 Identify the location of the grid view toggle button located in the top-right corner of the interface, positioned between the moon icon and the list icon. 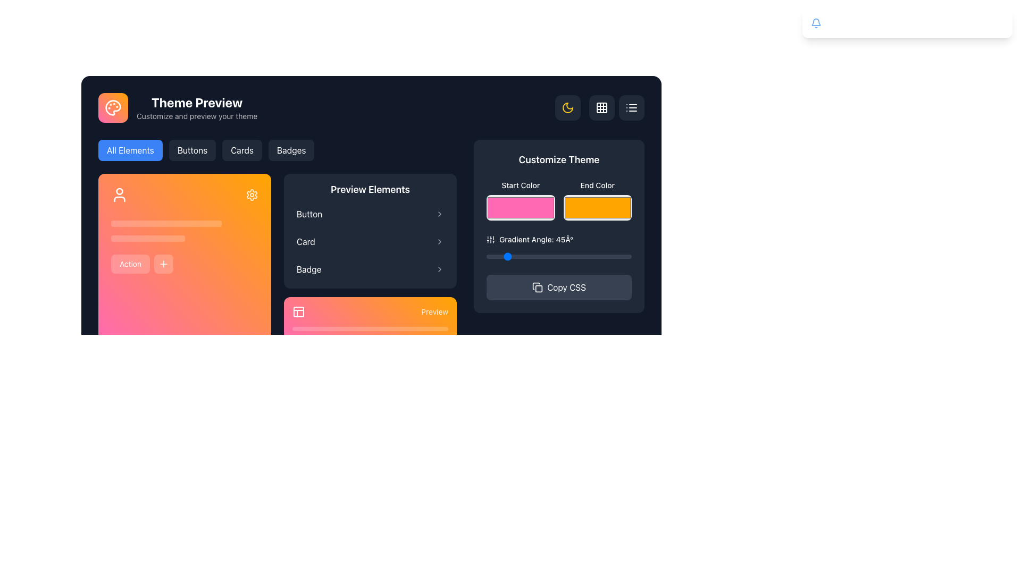
(602, 108).